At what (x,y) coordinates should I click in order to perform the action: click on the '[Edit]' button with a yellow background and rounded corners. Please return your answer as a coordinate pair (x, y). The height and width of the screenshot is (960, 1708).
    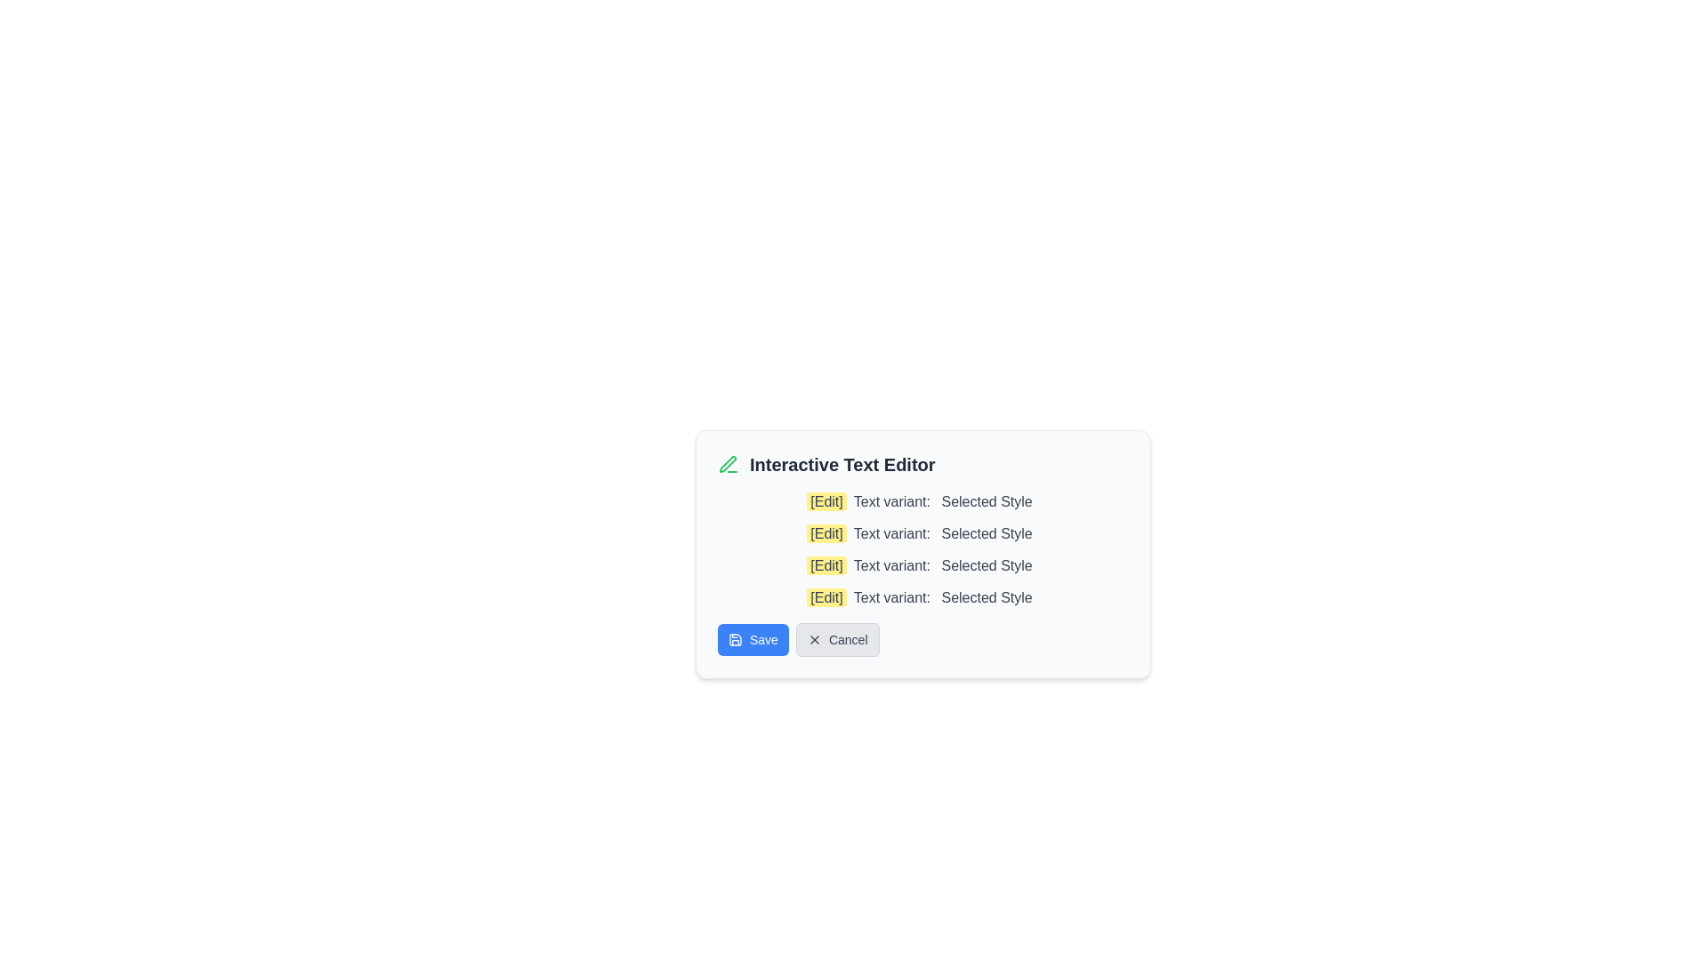
    Looking at the image, I should click on (826, 501).